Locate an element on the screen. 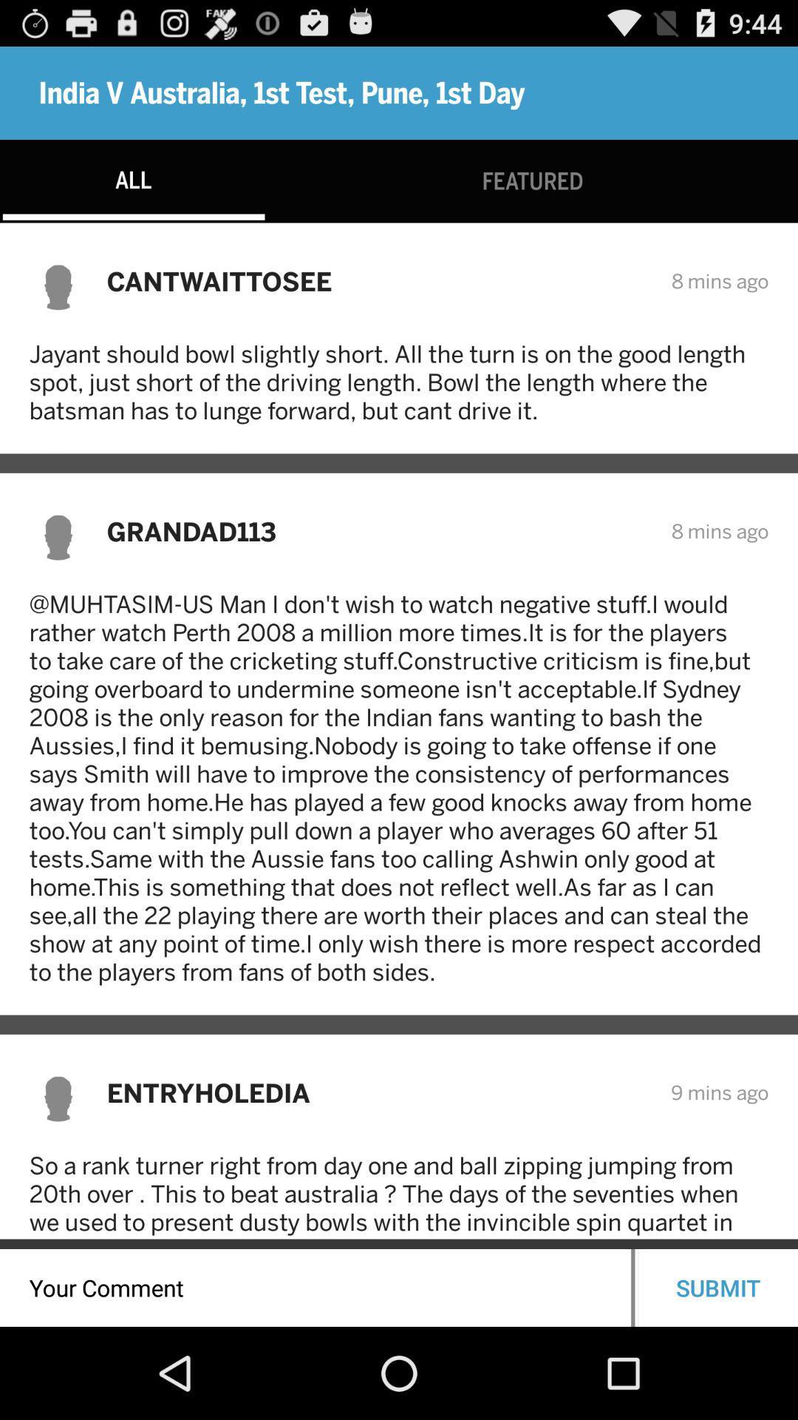 This screenshot has height=1420, width=798. your comment here is located at coordinates (315, 1287).